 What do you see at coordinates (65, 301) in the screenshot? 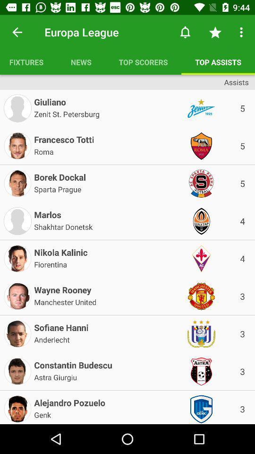
I see `icon below wayne rooney item` at bounding box center [65, 301].